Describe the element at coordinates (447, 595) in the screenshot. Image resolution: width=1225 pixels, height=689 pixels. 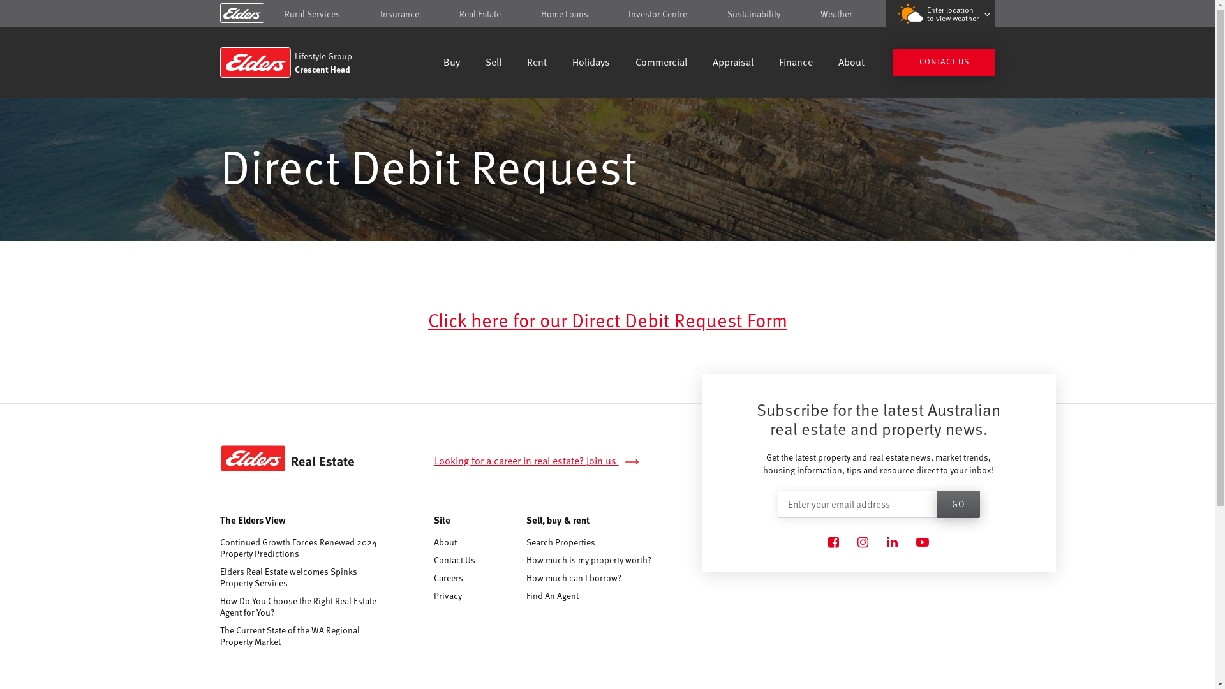
I see `'Privacy'` at that location.